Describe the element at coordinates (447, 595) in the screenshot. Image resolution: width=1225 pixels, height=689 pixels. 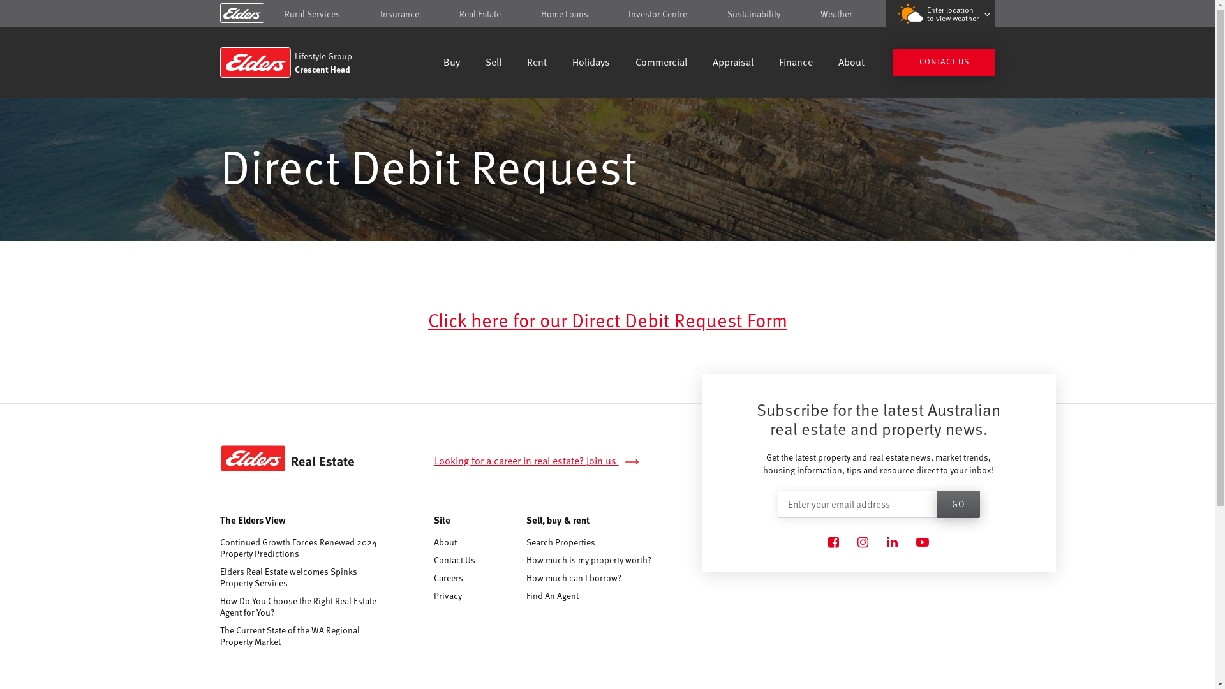
I see `'Privacy'` at that location.